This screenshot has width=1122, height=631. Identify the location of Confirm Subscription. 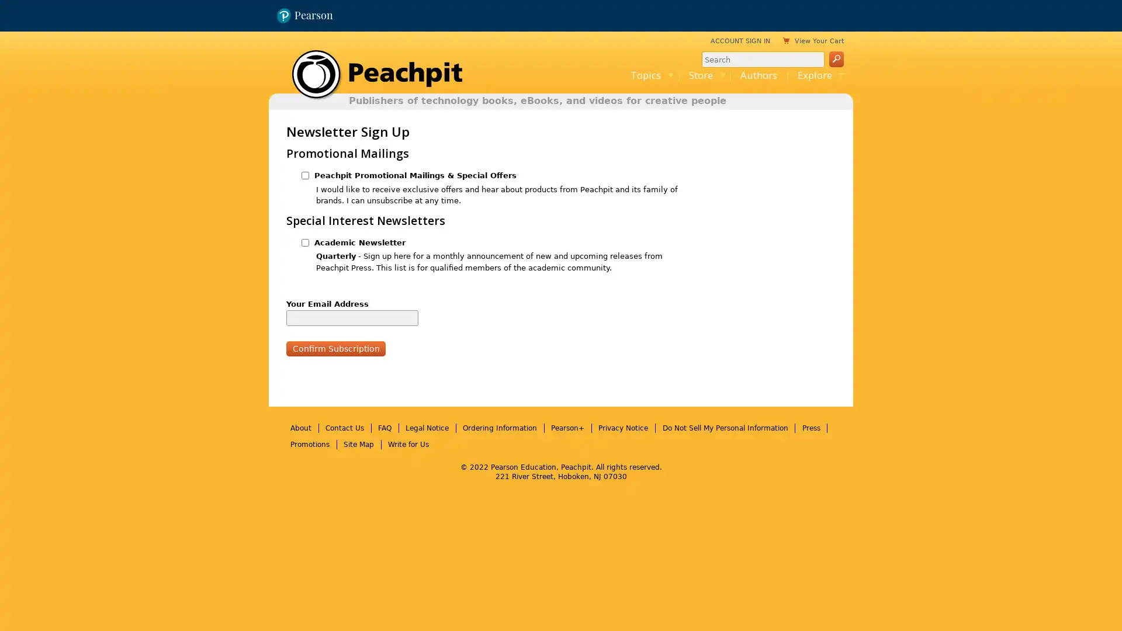
(335, 348).